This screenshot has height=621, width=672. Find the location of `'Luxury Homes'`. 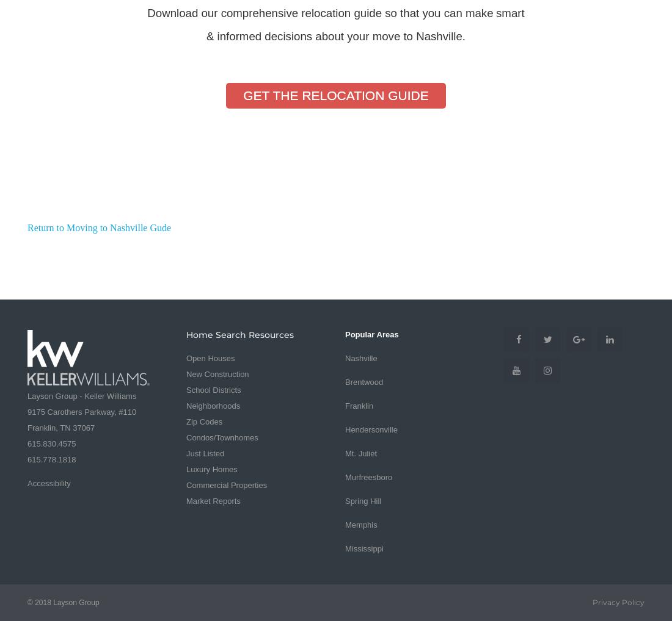

'Luxury Homes' is located at coordinates (211, 468).